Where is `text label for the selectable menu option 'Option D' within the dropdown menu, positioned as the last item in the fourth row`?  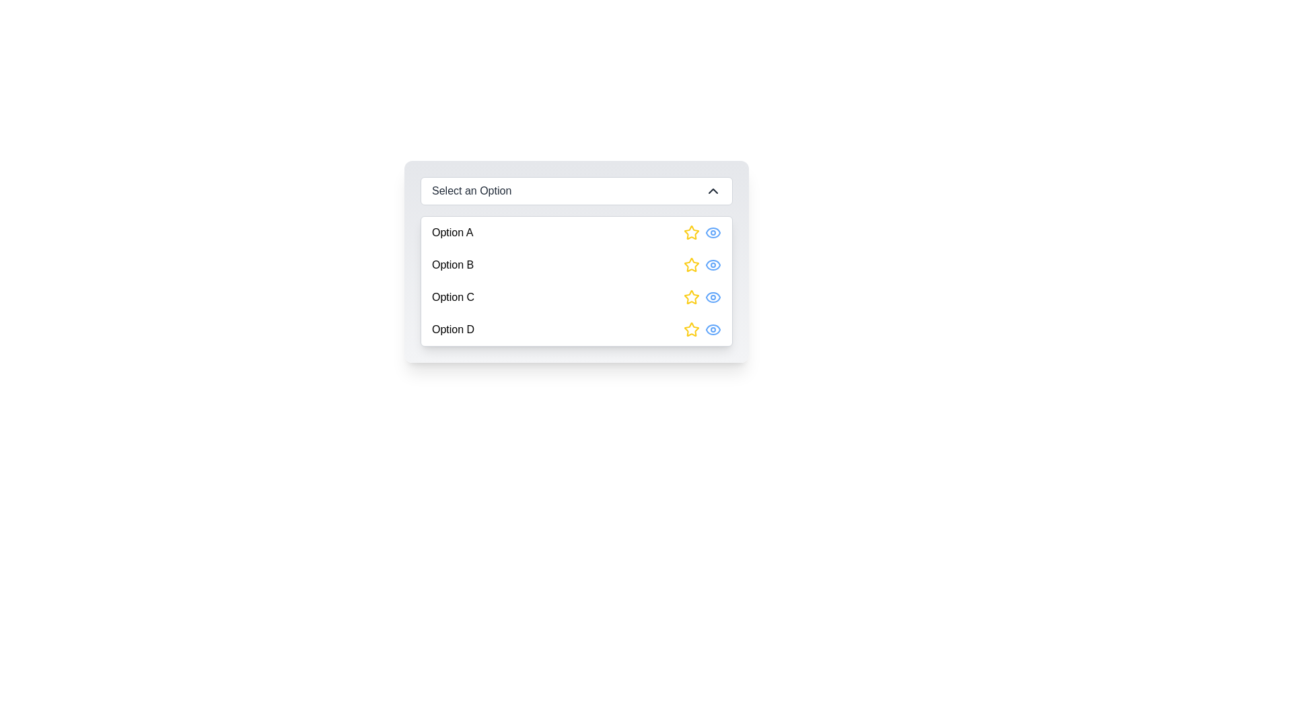
text label for the selectable menu option 'Option D' within the dropdown menu, positioned as the last item in the fourth row is located at coordinates (453, 329).